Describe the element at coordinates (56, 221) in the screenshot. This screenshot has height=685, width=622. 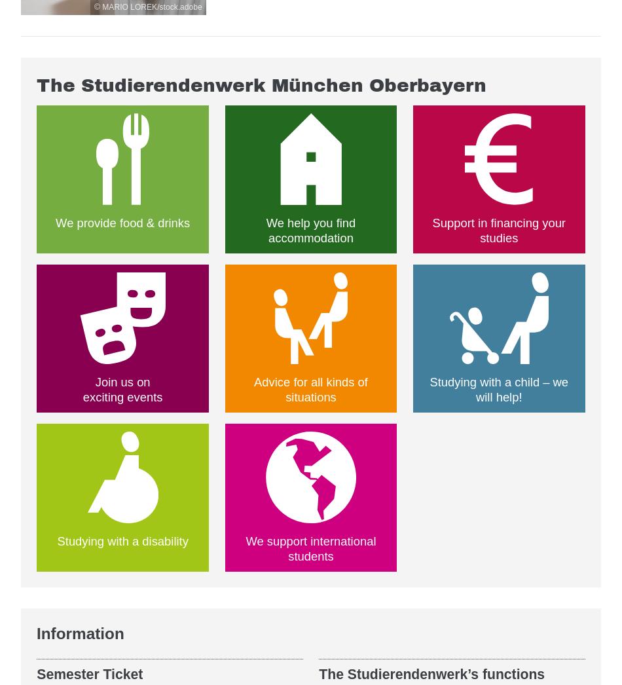
I see `'We provide food & drinks'` at that location.